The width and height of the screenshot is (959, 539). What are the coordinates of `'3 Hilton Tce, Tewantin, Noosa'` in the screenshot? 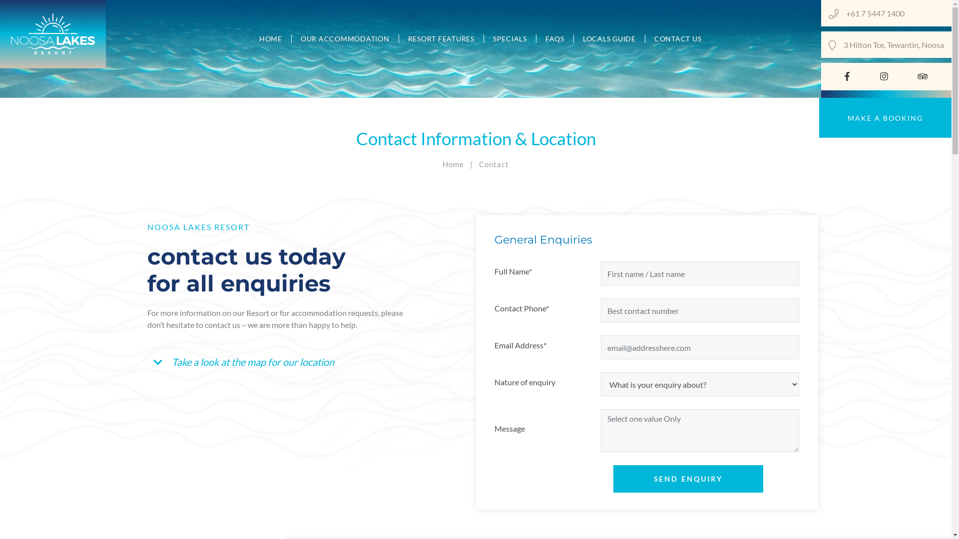 It's located at (894, 44).